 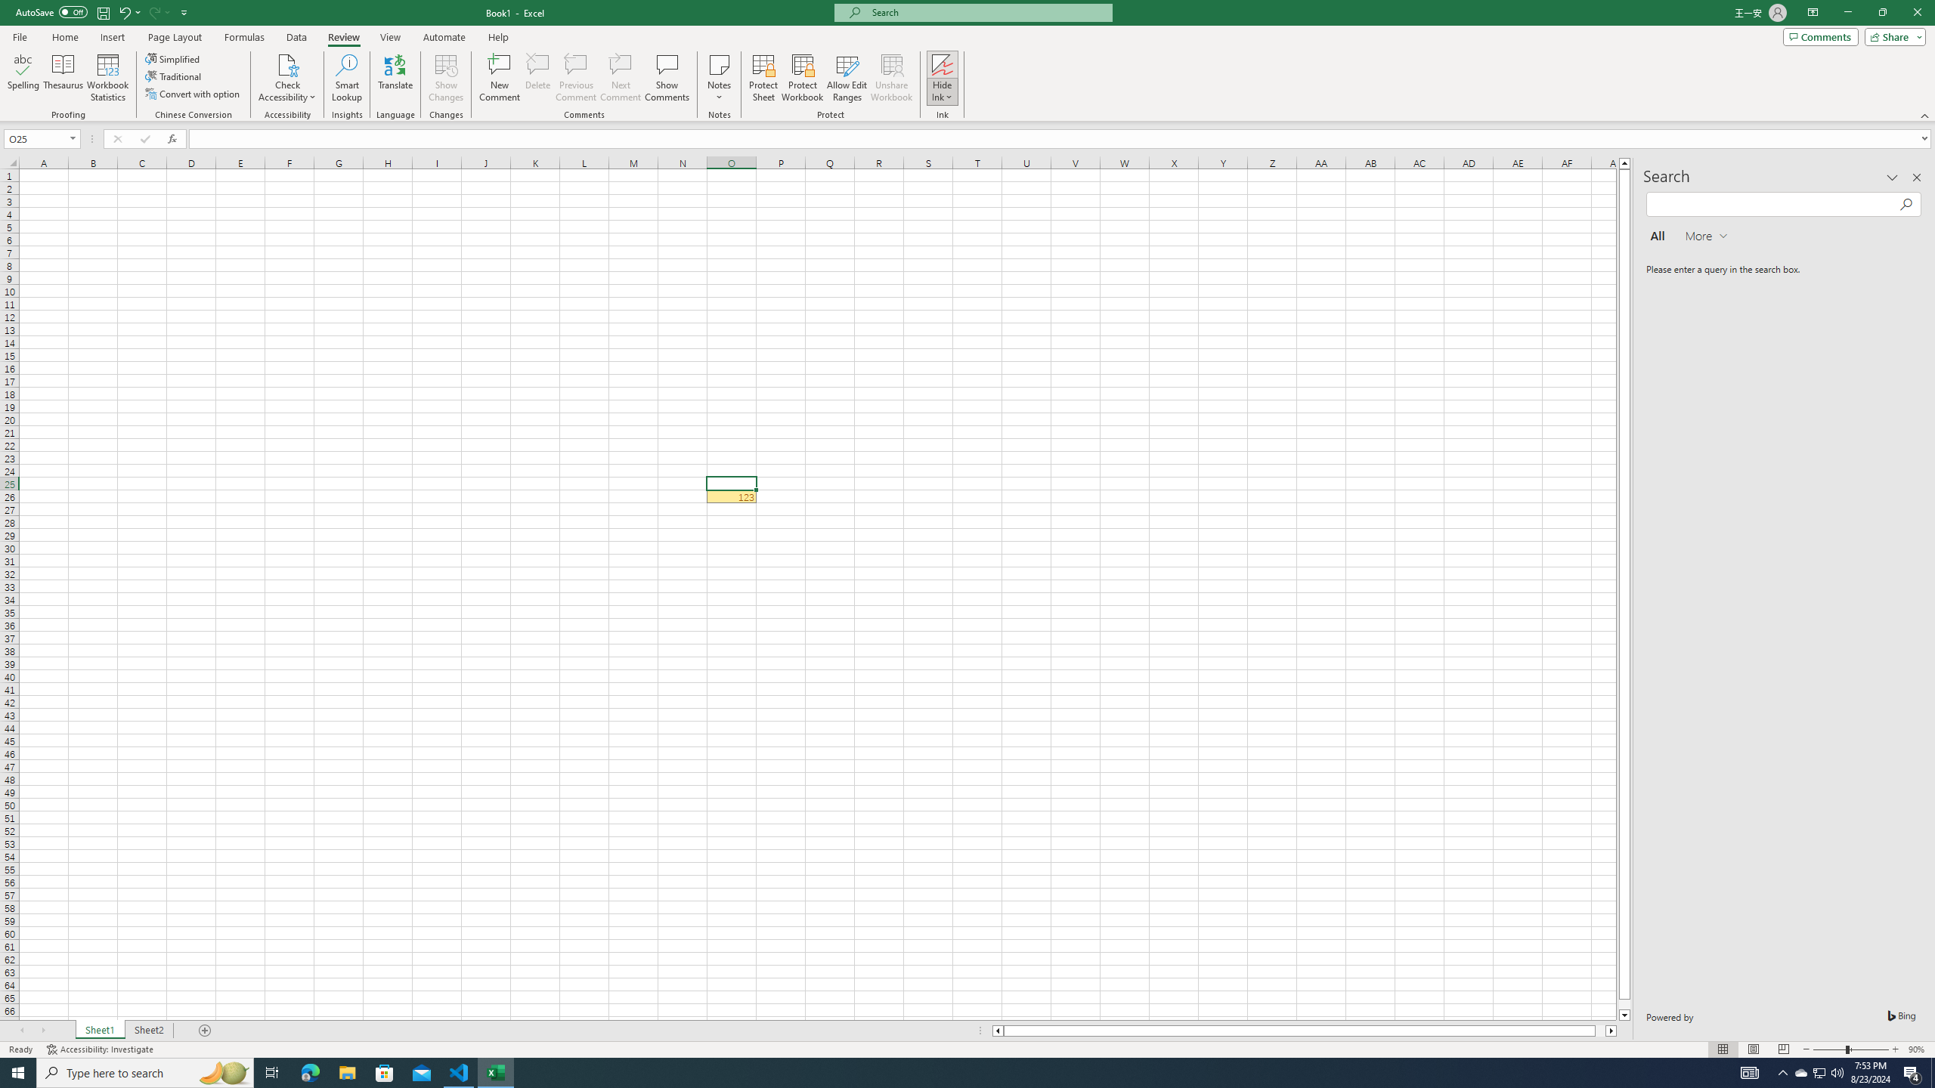 I want to click on 'Delete', so click(x=537, y=78).